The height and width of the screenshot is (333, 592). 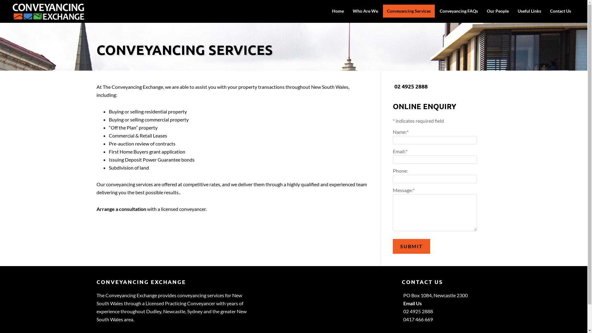 What do you see at coordinates (529, 11) in the screenshot?
I see `'Useful Links'` at bounding box center [529, 11].